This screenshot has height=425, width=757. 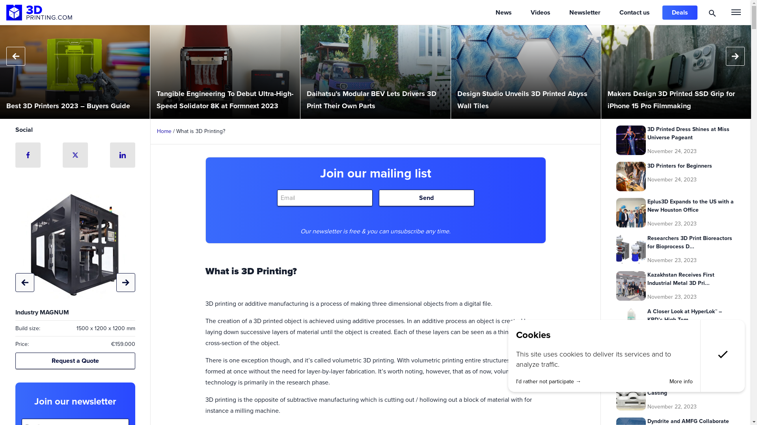 I want to click on 'Videos', so click(x=540, y=12).